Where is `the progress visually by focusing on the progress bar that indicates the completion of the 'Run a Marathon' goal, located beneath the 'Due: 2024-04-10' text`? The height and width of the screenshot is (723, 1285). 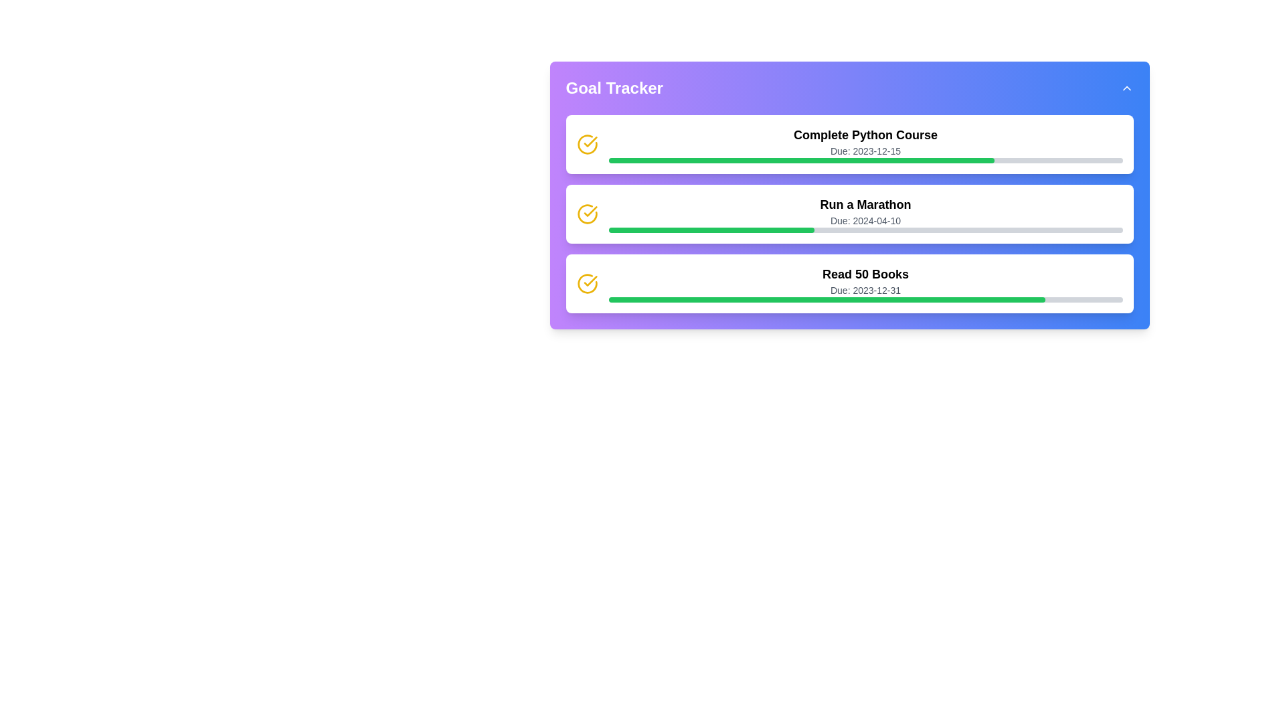
the progress visually by focusing on the progress bar that indicates the completion of the 'Run a Marathon' goal, located beneath the 'Due: 2024-04-10' text is located at coordinates (865, 229).